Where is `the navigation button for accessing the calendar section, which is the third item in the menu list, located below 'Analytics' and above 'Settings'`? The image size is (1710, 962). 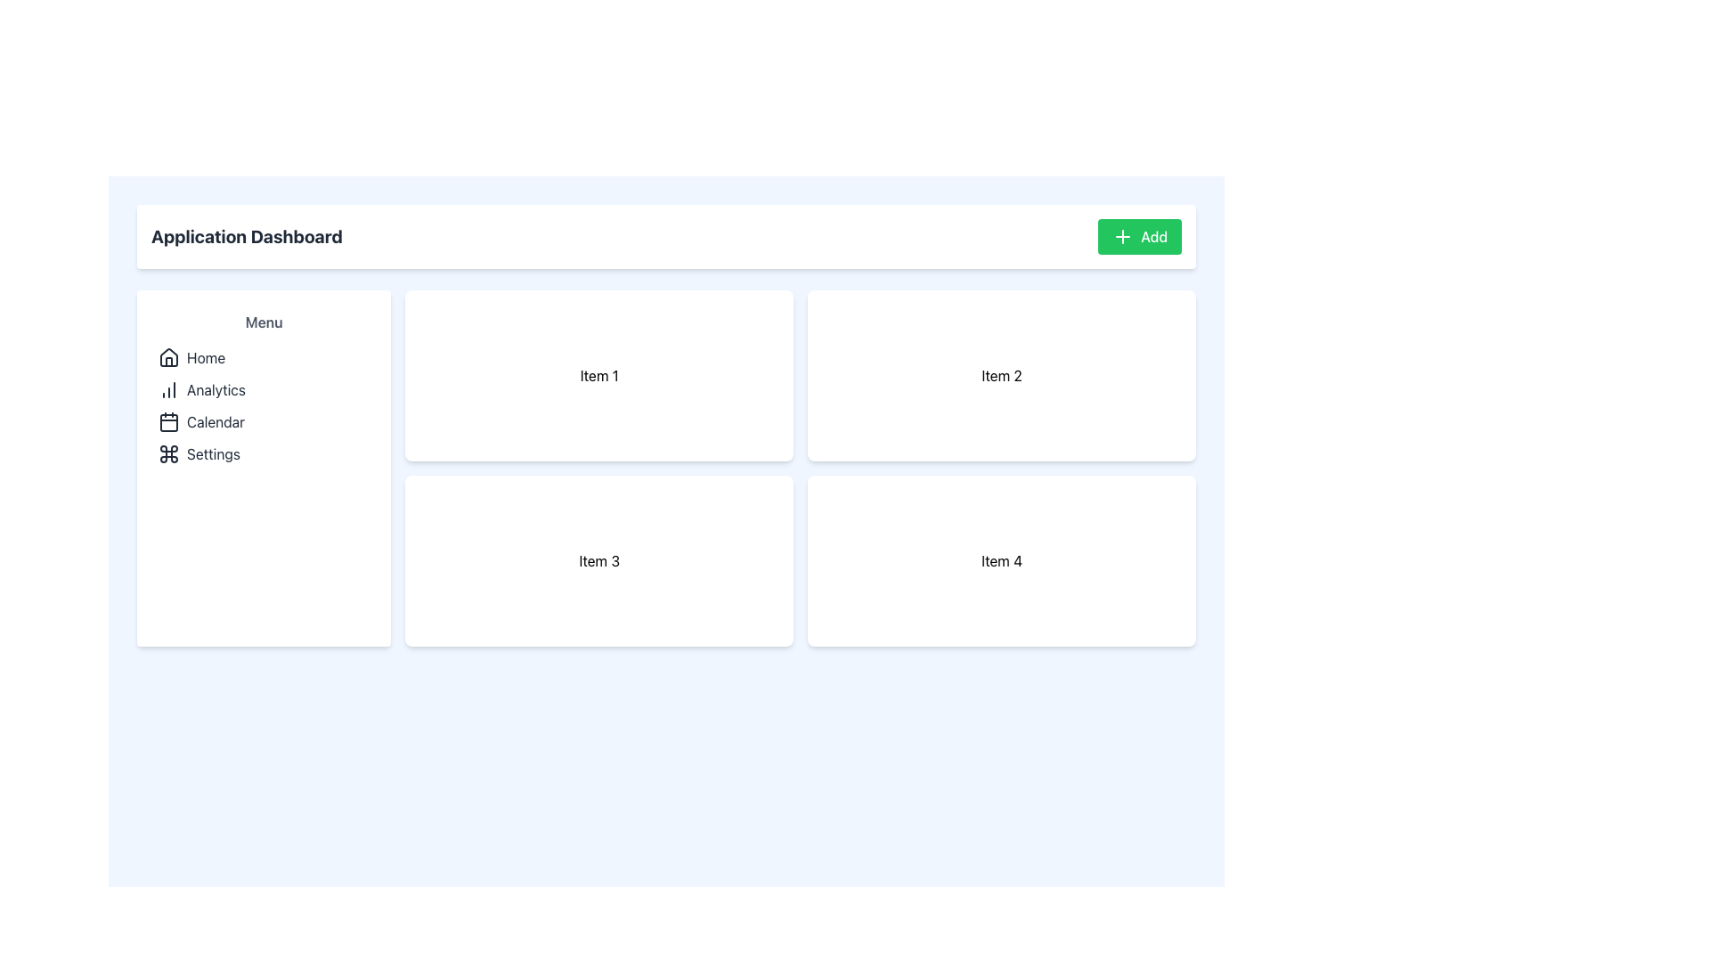 the navigation button for accessing the calendar section, which is the third item in the menu list, located below 'Analytics' and above 'Settings' is located at coordinates (263, 422).